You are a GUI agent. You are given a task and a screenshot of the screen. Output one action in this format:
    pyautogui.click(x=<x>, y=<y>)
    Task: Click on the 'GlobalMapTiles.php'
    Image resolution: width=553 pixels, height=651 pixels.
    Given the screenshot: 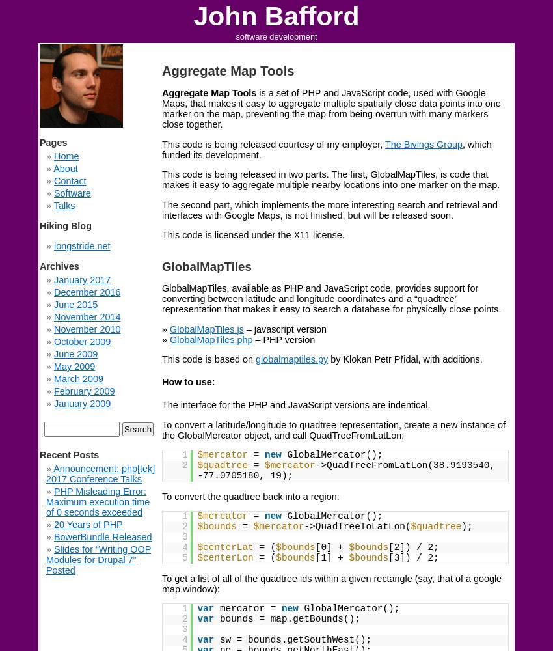 What is the action you would take?
    pyautogui.click(x=211, y=339)
    